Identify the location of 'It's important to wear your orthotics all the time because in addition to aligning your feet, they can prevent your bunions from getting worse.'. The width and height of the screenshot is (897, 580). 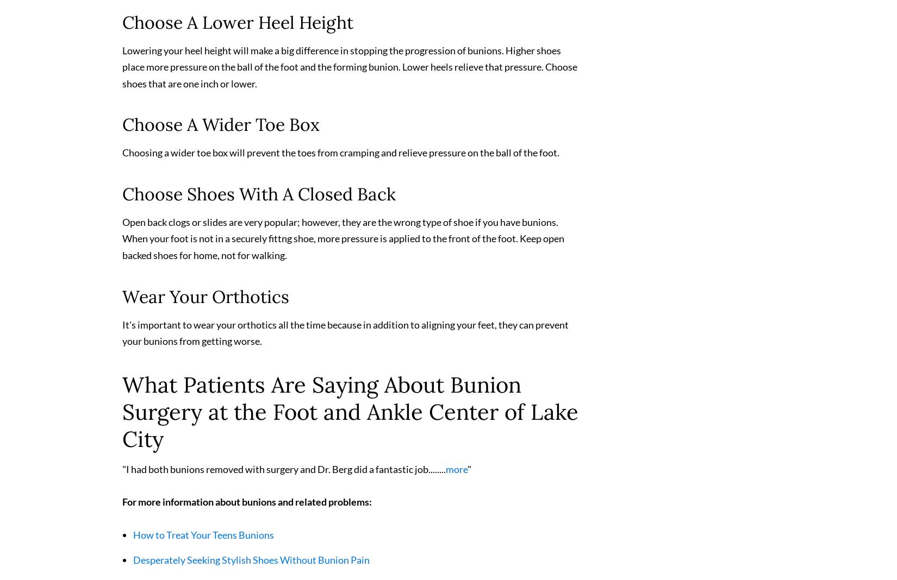
(345, 337).